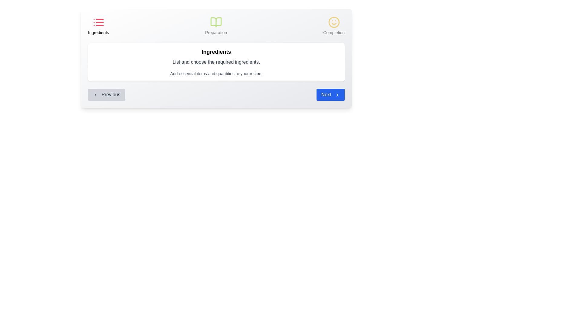 This screenshot has width=581, height=326. What do you see at coordinates (333, 22) in the screenshot?
I see `the circular yellow boundary of the smiling face icon located at the far right of the header section` at bounding box center [333, 22].